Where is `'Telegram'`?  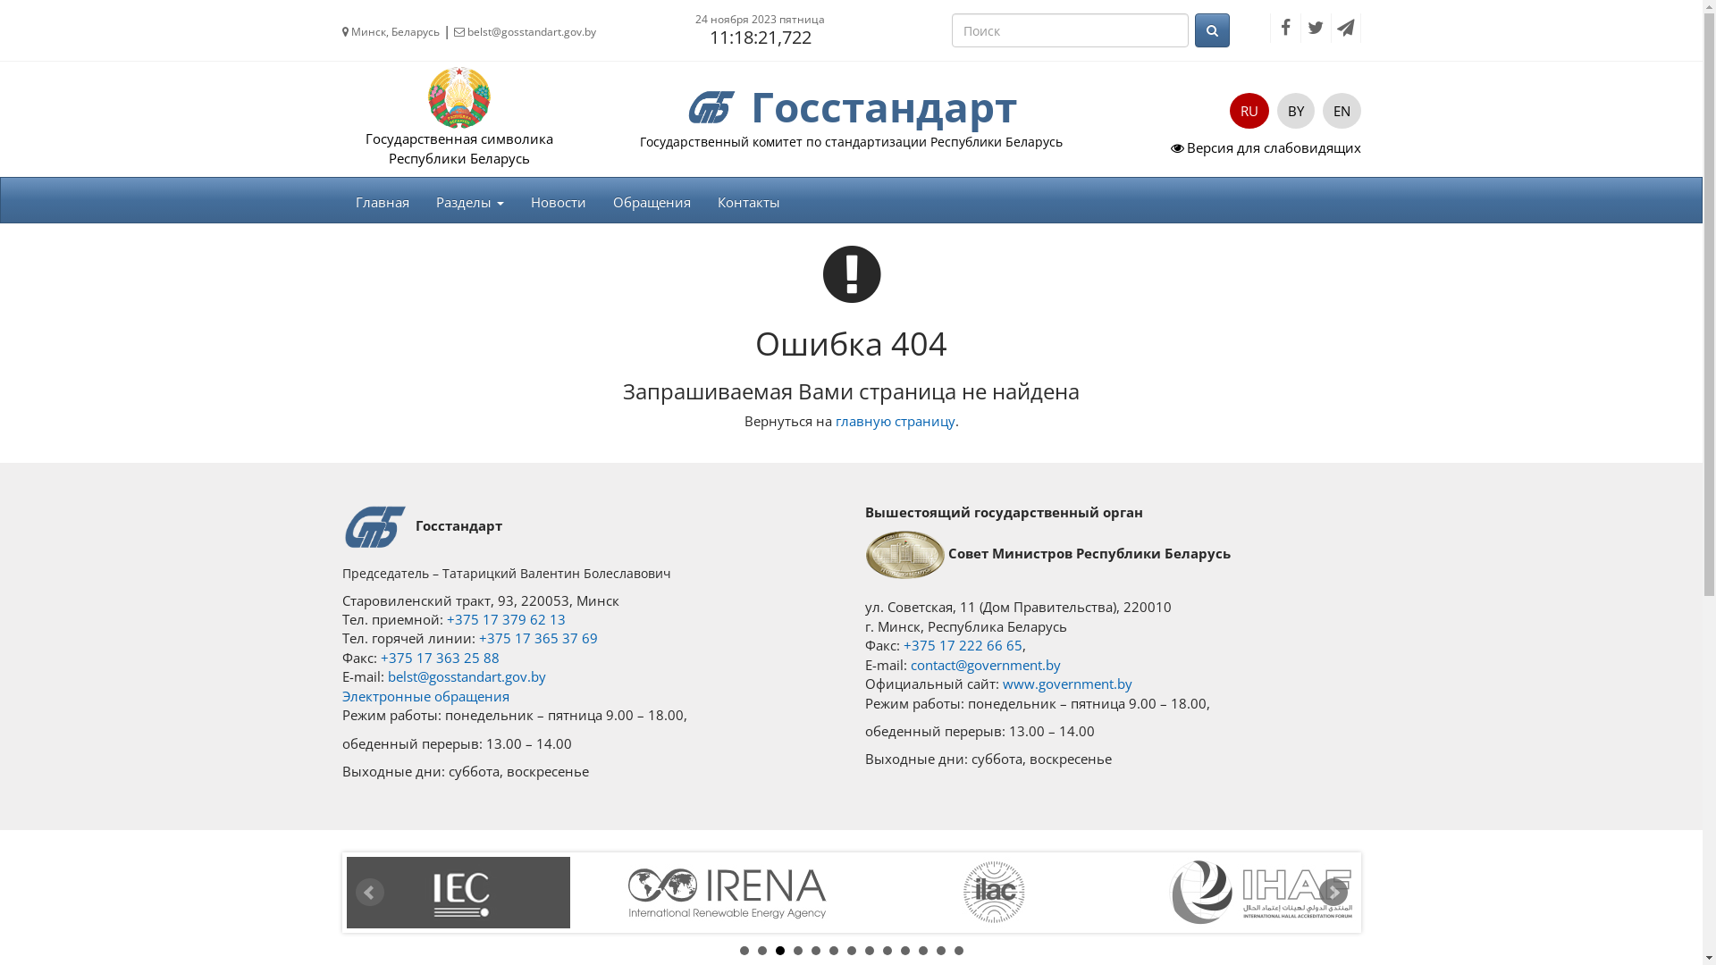
'Telegram' is located at coordinates (1345, 28).